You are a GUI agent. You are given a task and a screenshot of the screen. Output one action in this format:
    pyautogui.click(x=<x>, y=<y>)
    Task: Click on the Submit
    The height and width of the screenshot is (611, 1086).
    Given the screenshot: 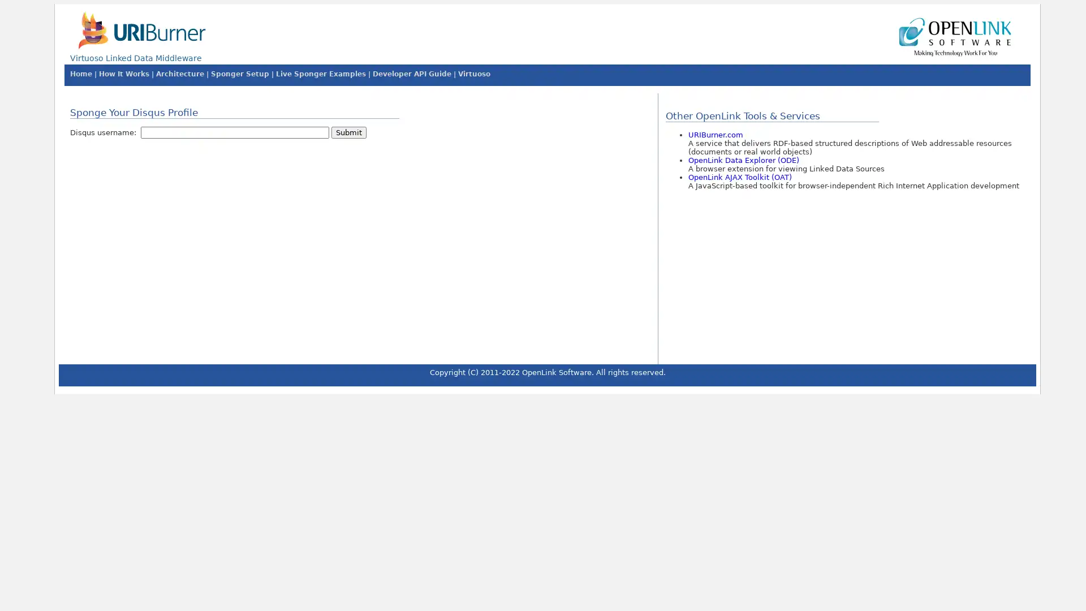 What is the action you would take?
    pyautogui.click(x=347, y=132)
    